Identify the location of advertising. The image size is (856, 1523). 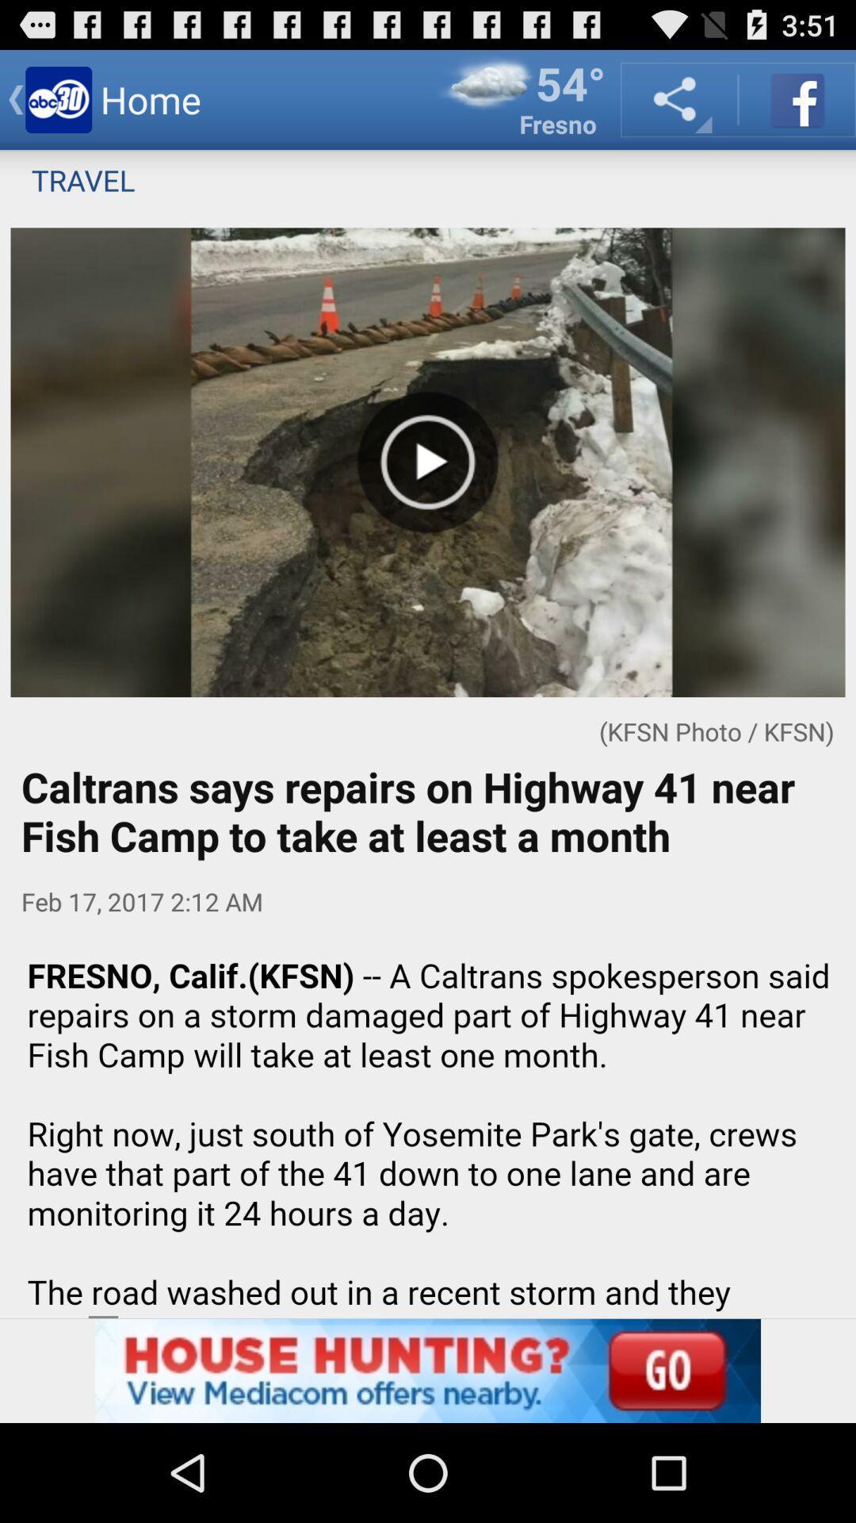
(428, 1370).